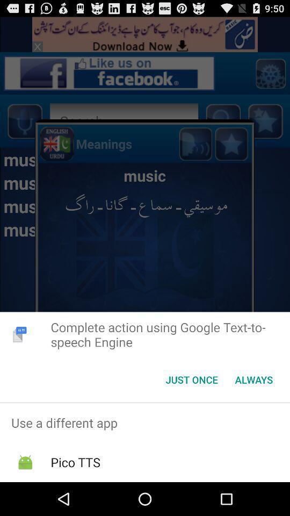 The height and width of the screenshot is (516, 290). I want to click on pico tts item, so click(75, 462).